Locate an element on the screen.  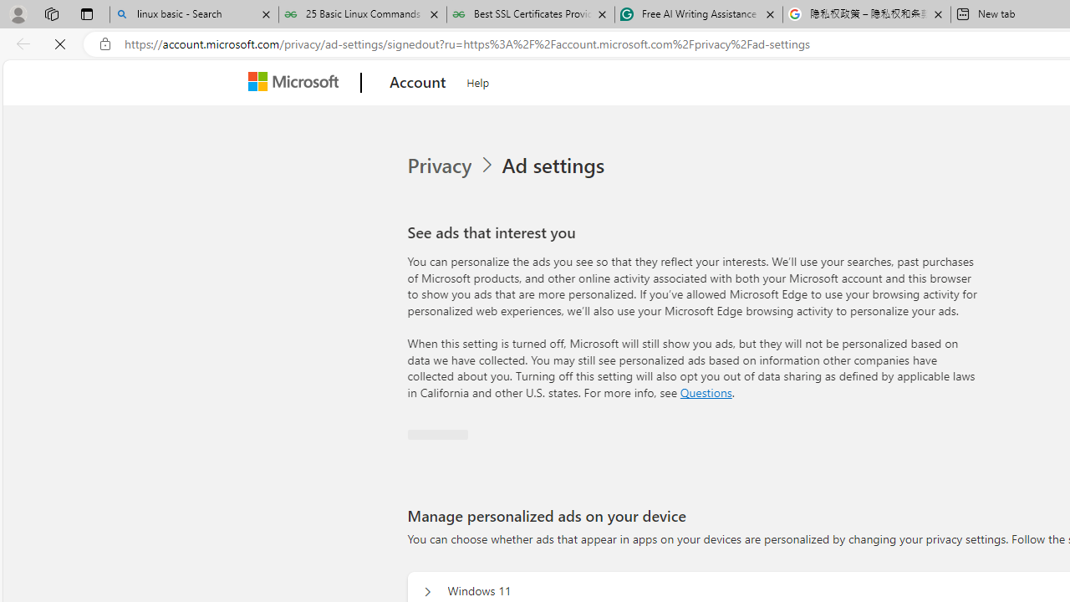
'Best SSL Certificates Provider in India - GeeksforGeeks' is located at coordinates (529, 14).